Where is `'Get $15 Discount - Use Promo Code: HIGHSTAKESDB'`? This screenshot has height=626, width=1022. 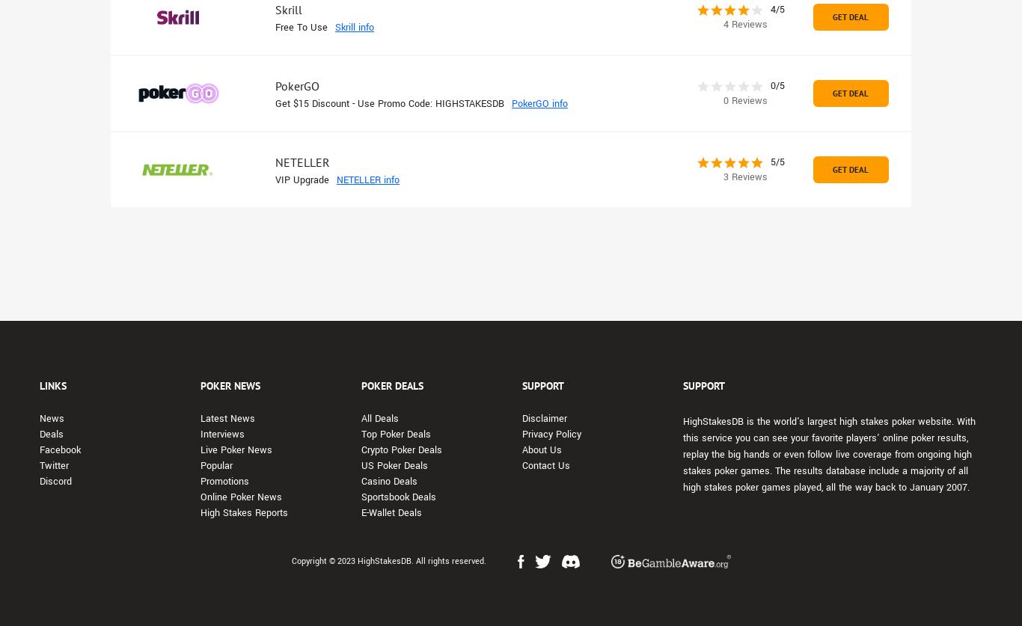
'Get $15 Discount - Use Promo Code: HIGHSTAKESDB' is located at coordinates (389, 104).